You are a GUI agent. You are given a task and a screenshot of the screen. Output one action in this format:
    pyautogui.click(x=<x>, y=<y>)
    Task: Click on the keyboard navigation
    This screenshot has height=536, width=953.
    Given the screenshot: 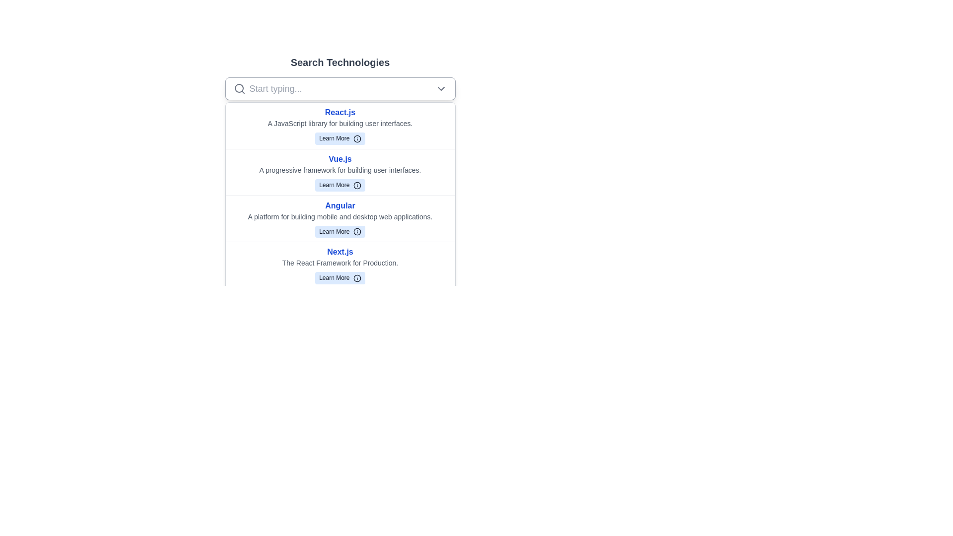 What is the action you would take?
    pyautogui.click(x=357, y=185)
    